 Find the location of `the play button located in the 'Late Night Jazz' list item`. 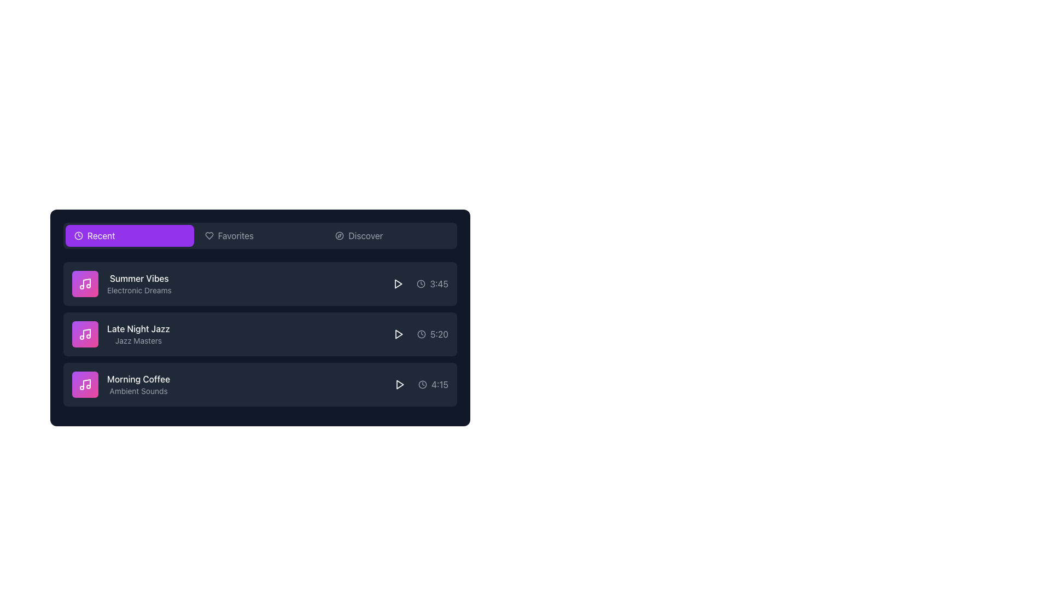

the play button located in the 'Late Night Jazz' list item is located at coordinates (398, 333).